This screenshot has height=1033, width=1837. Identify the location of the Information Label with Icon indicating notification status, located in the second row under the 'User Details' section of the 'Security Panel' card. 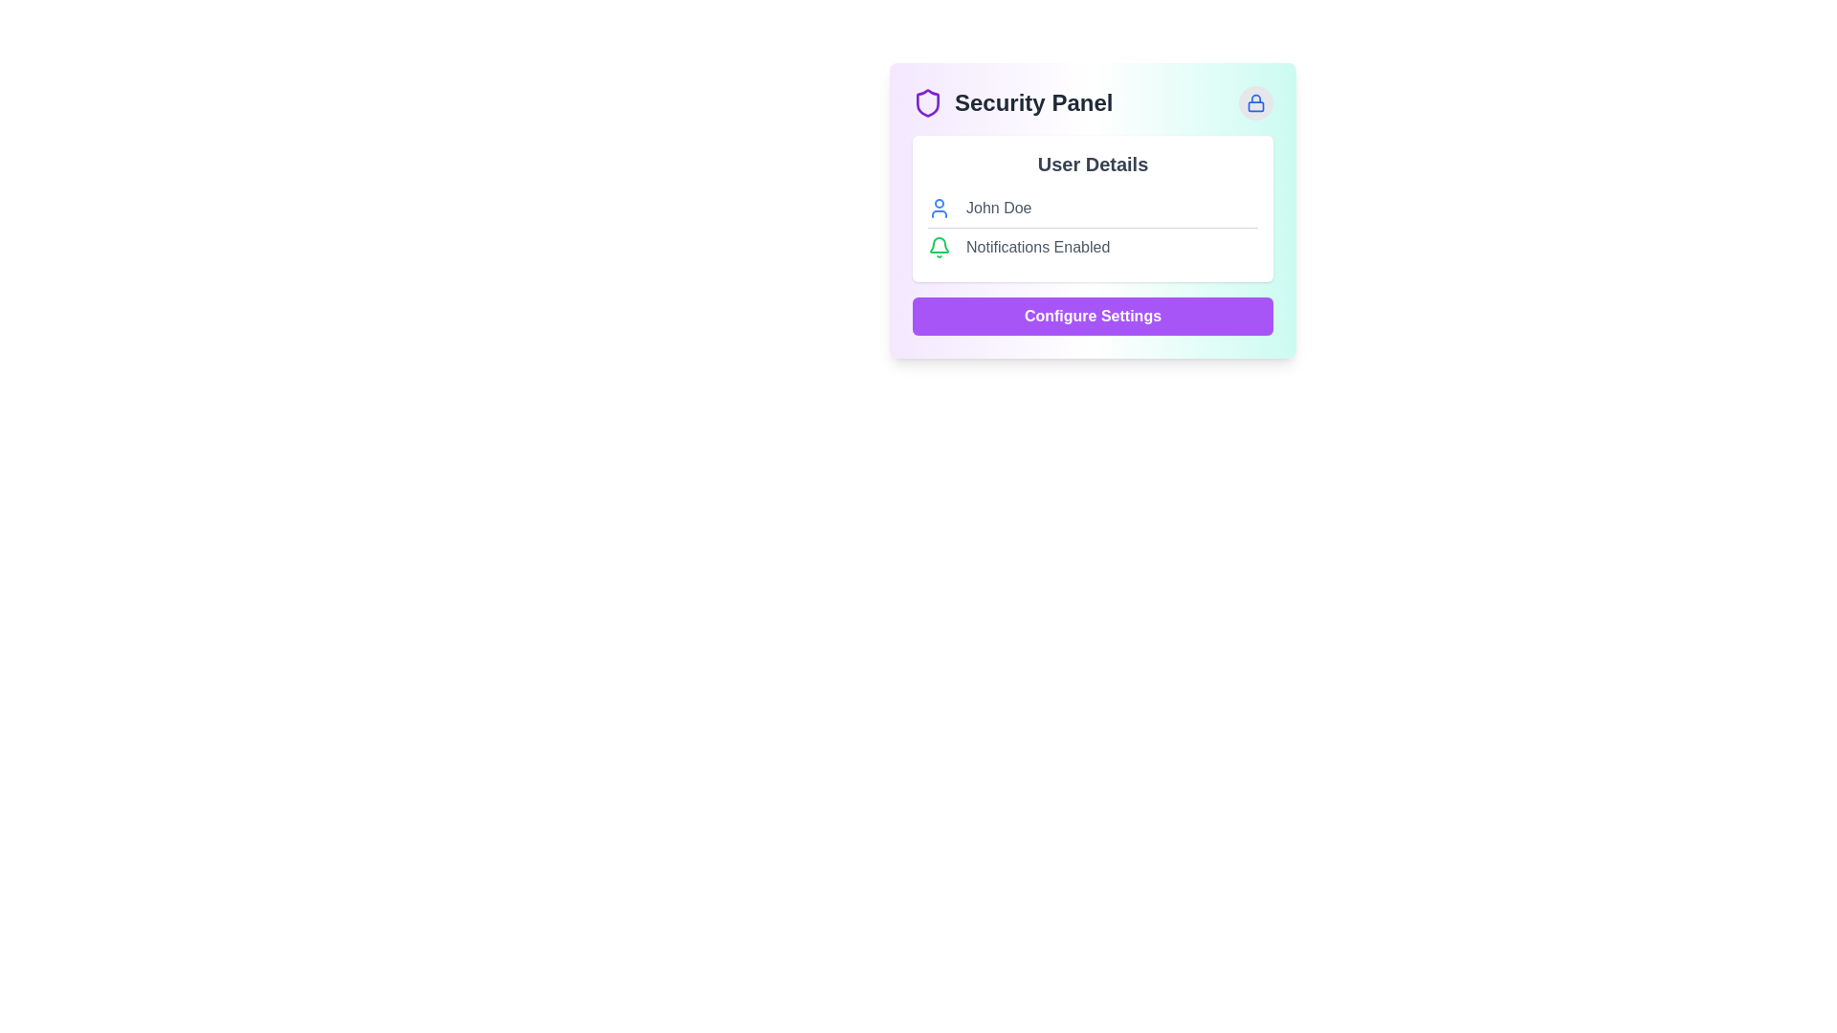
(1093, 246).